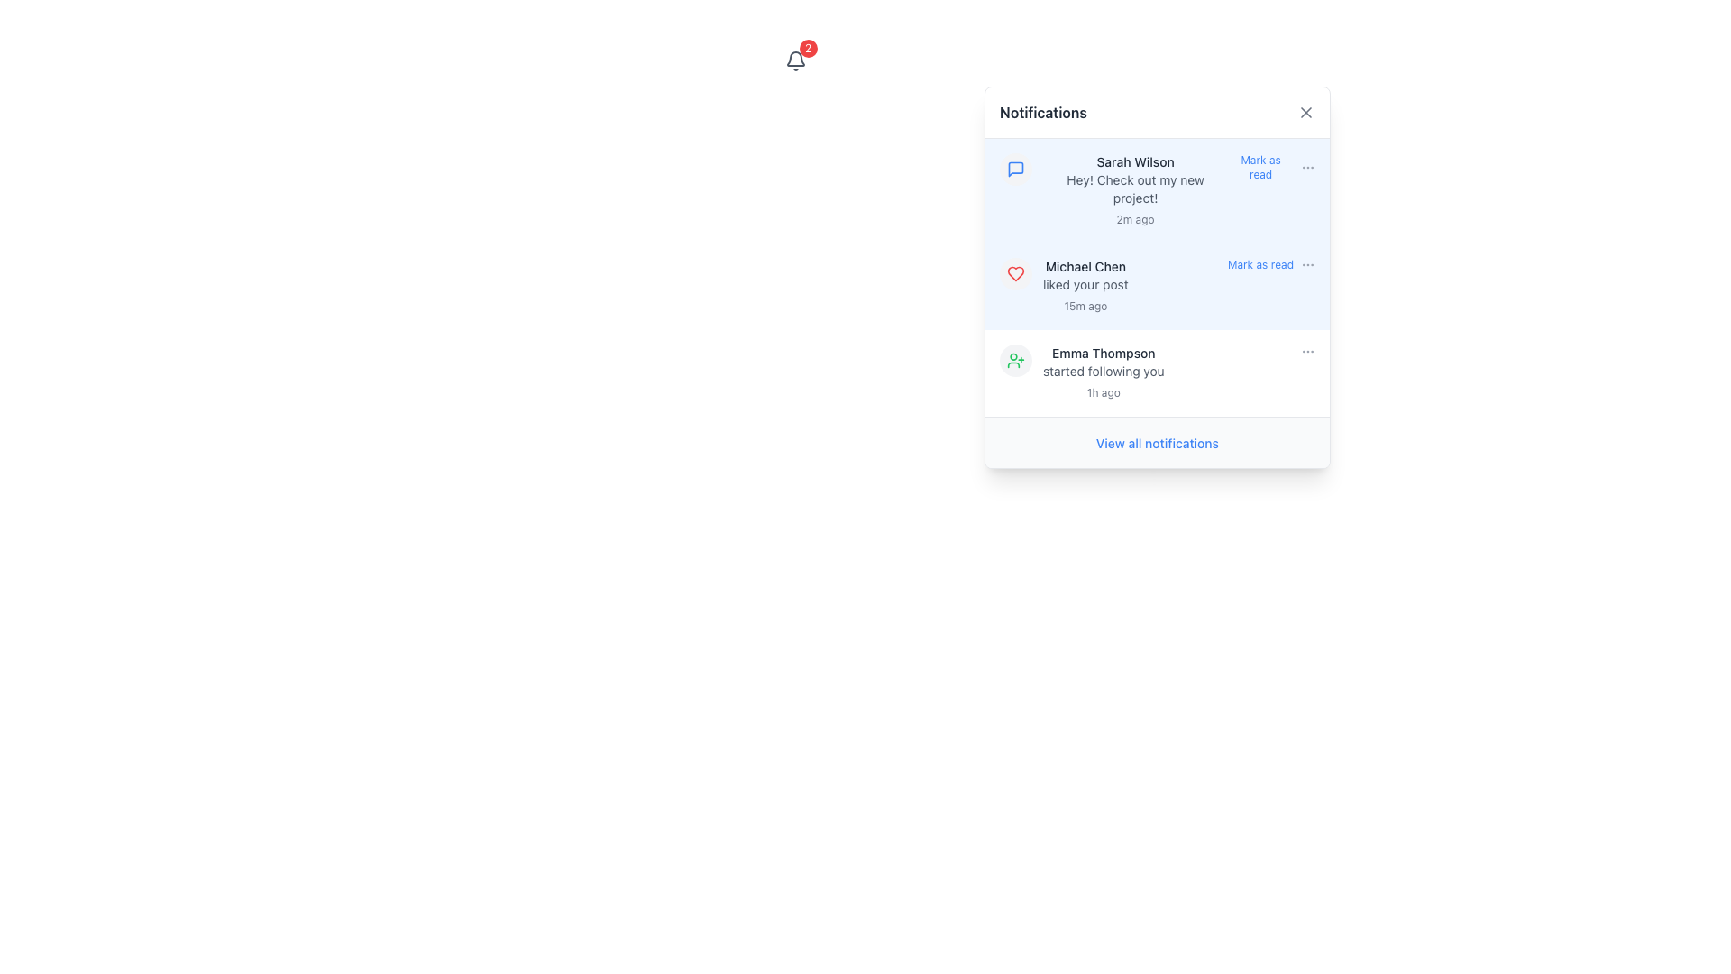 The image size is (1731, 974). What do you see at coordinates (1179, 285) in the screenshot?
I see `the 'Mark as read' link in the second notification from 'Michael Chen' in the notification panel to update its status` at bounding box center [1179, 285].